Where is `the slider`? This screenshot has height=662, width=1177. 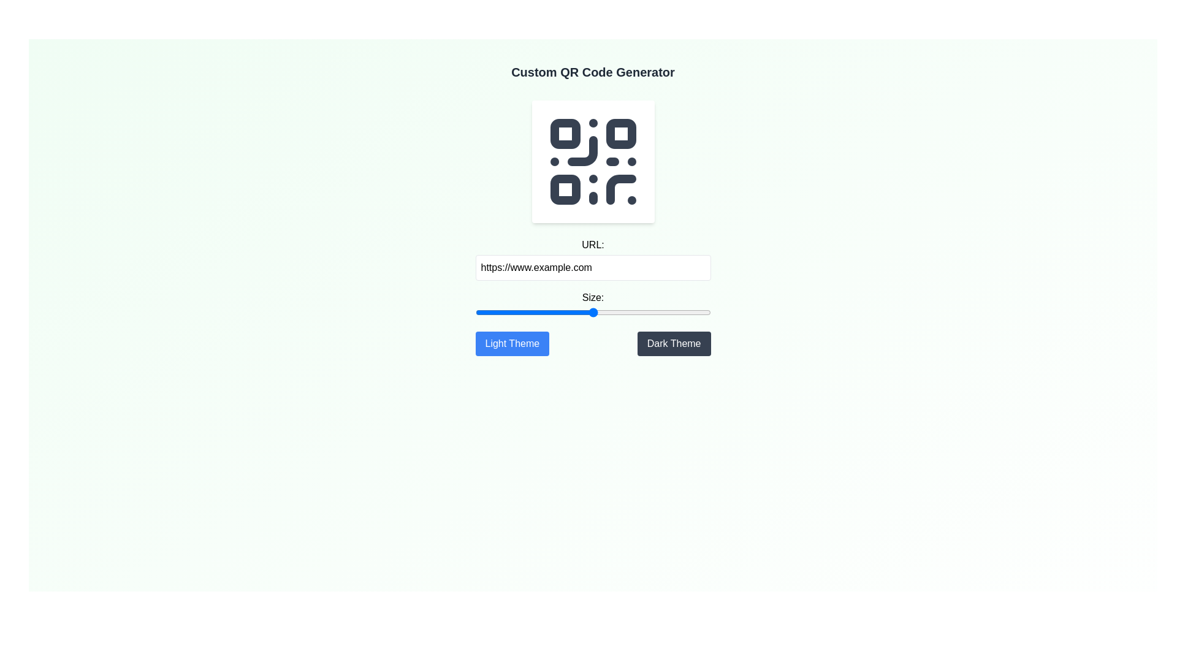
the slider is located at coordinates (569, 311).